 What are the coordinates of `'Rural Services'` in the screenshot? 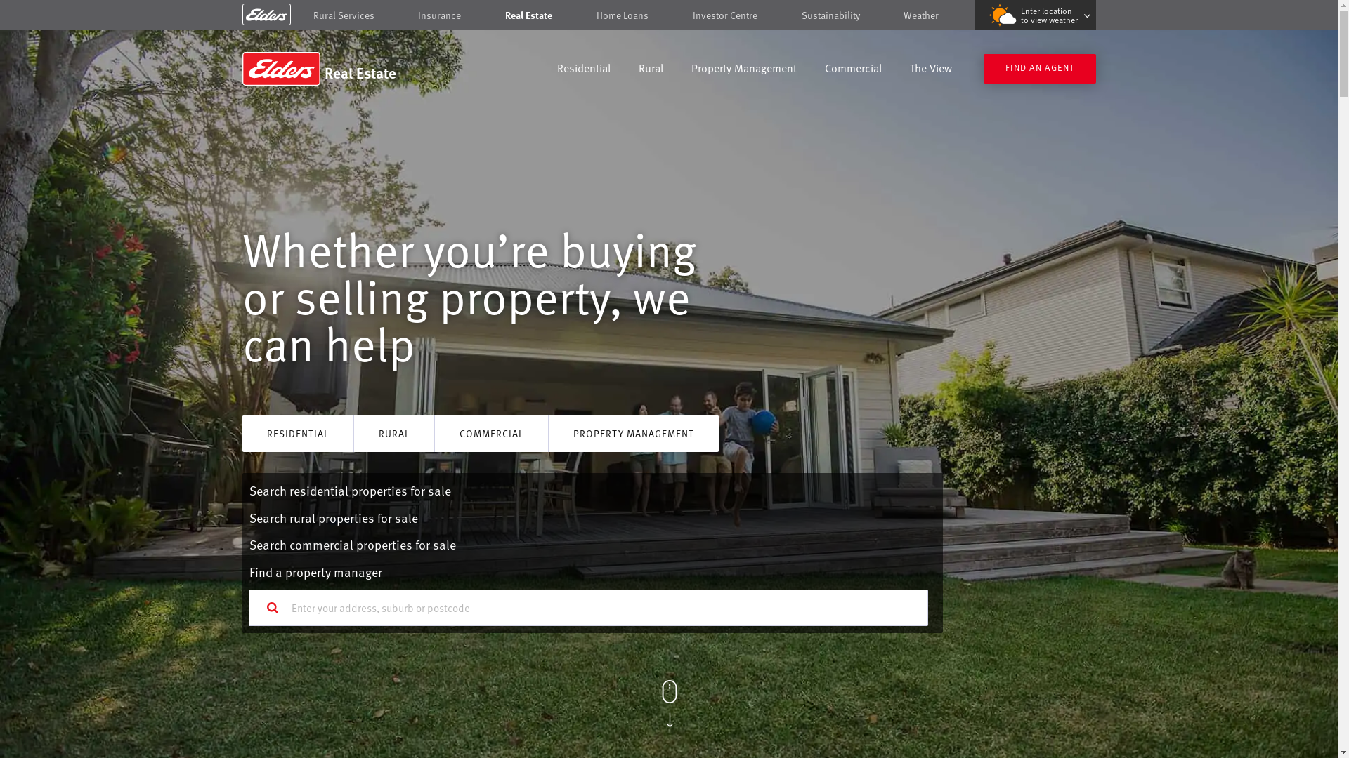 It's located at (313, 15).